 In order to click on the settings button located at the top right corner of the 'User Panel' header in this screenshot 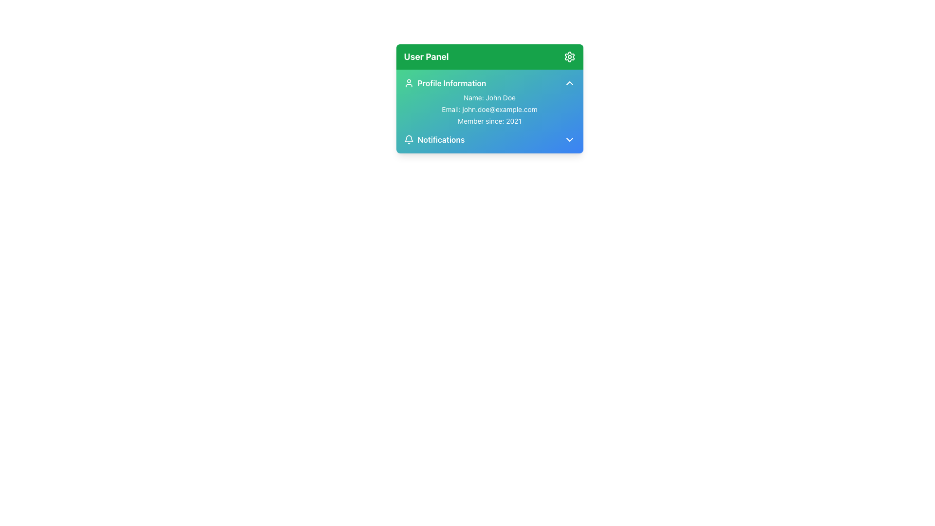, I will do `click(569, 56)`.